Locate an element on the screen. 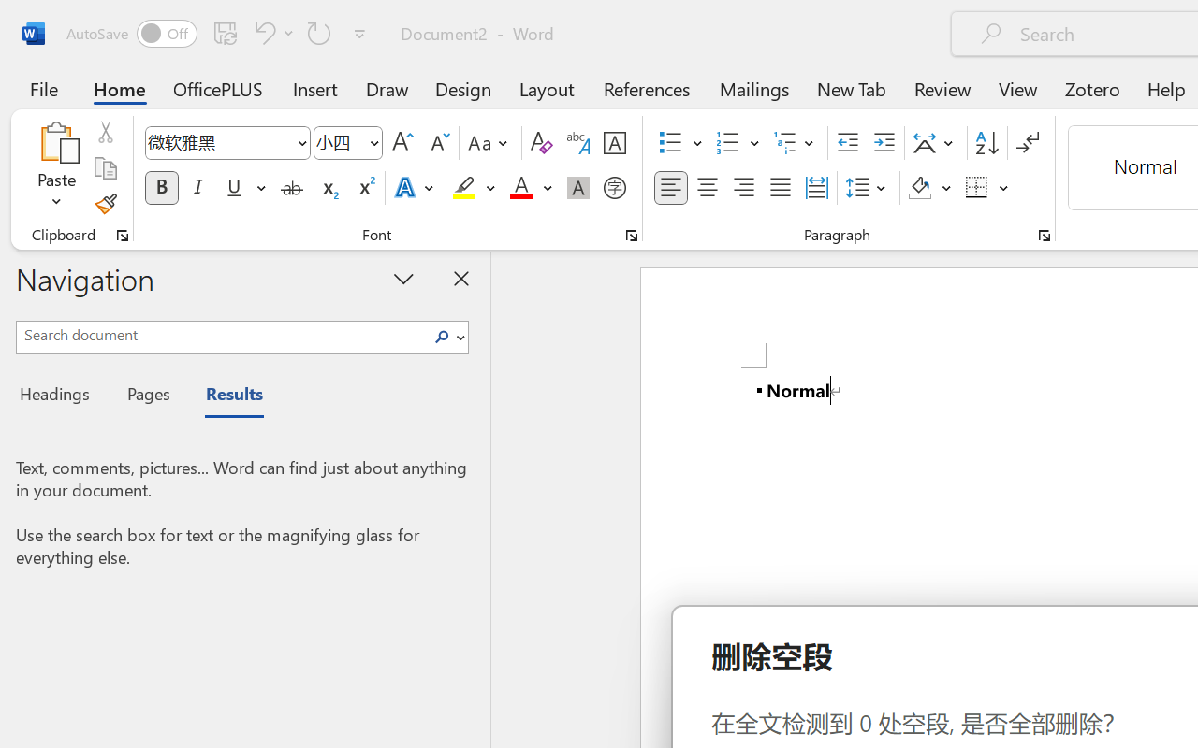  'Task Pane Options' is located at coordinates (403, 278).